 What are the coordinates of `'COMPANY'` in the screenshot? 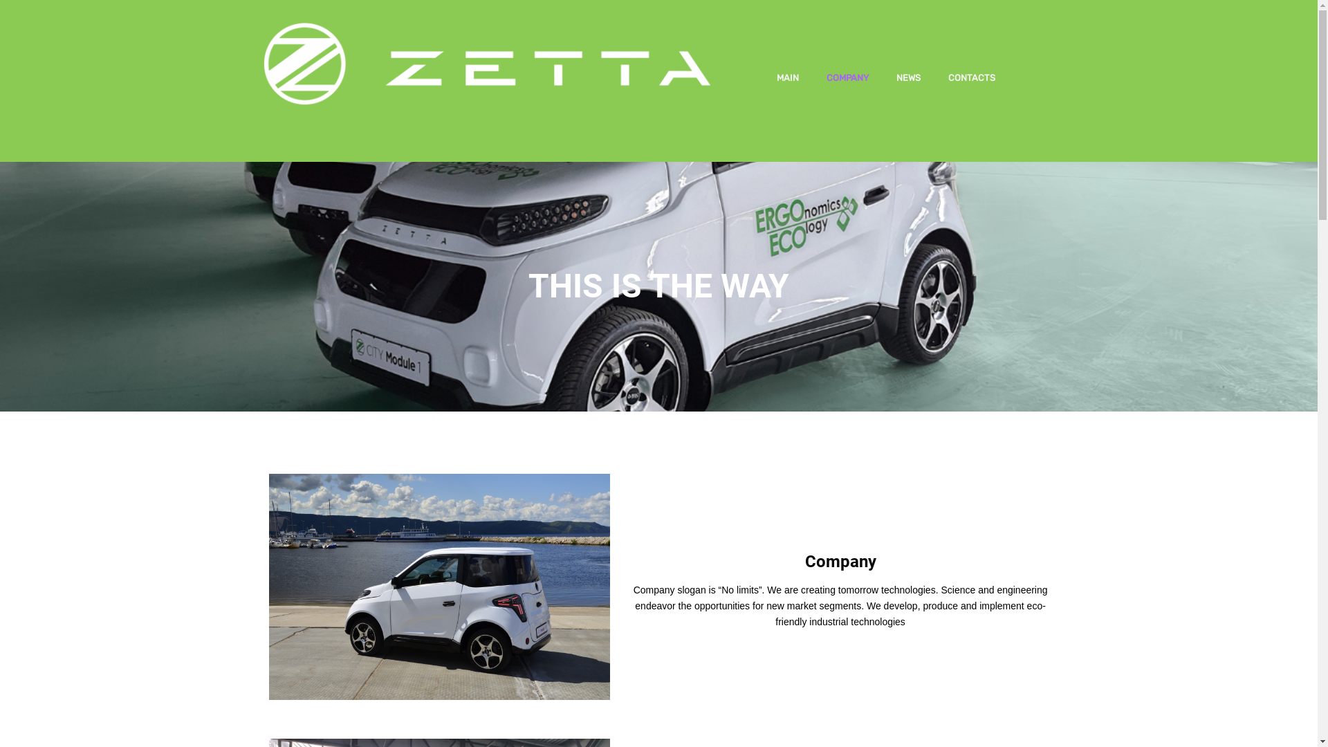 It's located at (847, 77).